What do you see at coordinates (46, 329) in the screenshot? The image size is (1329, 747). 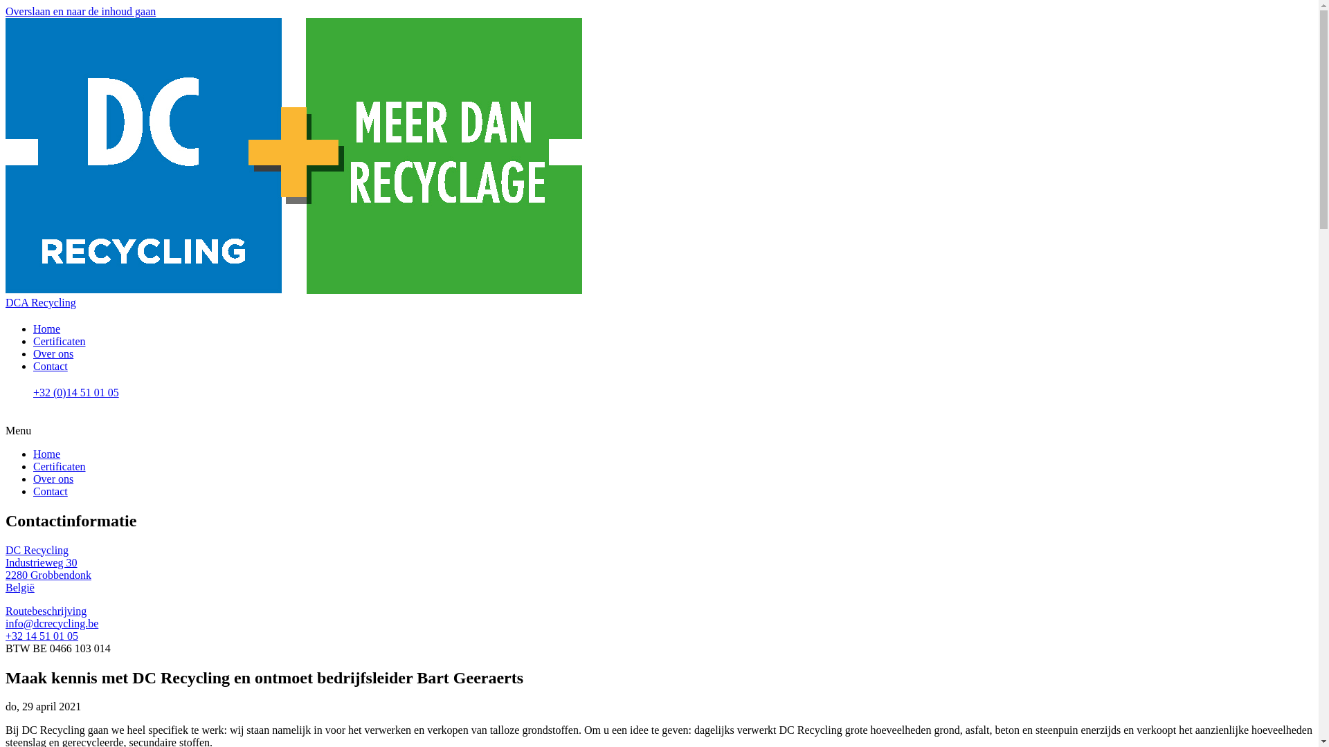 I see `'Home'` at bounding box center [46, 329].